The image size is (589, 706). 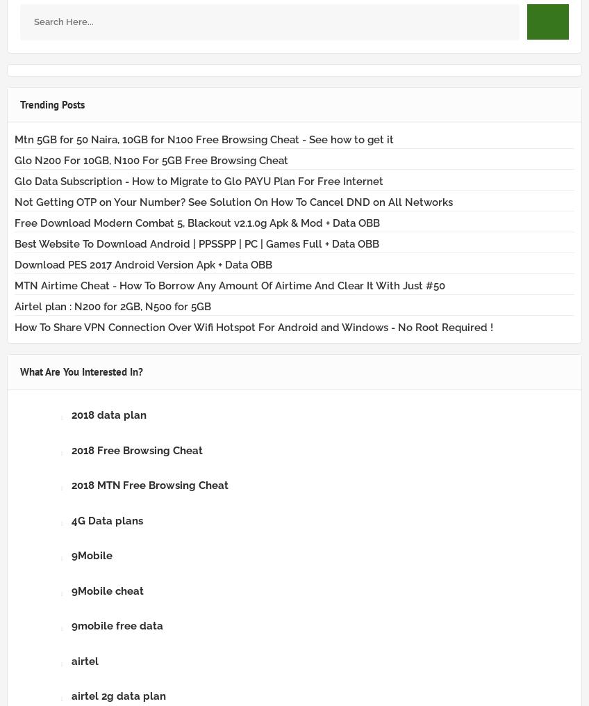 What do you see at coordinates (137, 449) in the screenshot?
I see `'2018 Free Browsing Cheat'` at bounding box center [137, 449].